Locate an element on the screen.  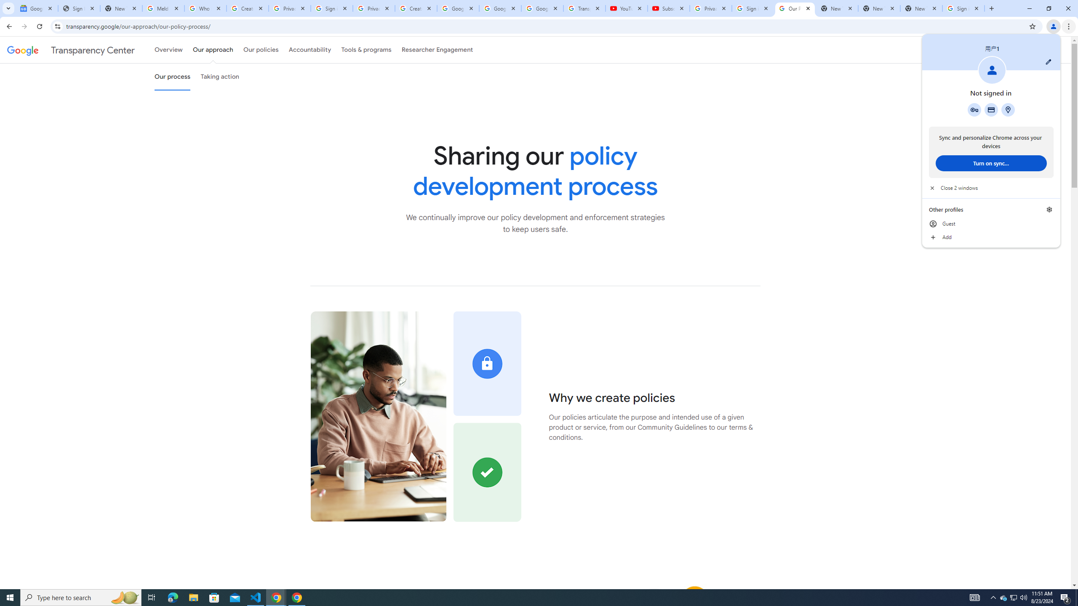
'Subscriptions - YouTube' is located at coordinates (668, 8).